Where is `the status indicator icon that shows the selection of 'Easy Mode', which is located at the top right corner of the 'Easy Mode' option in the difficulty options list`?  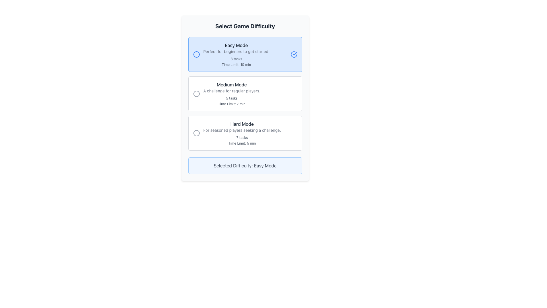
the status indicator icon that shows the selection of 'Easy Mode', which is located at the top right corner of the 'Easy Mode' option in the difficulty options list is located at coordinates (294, 54).